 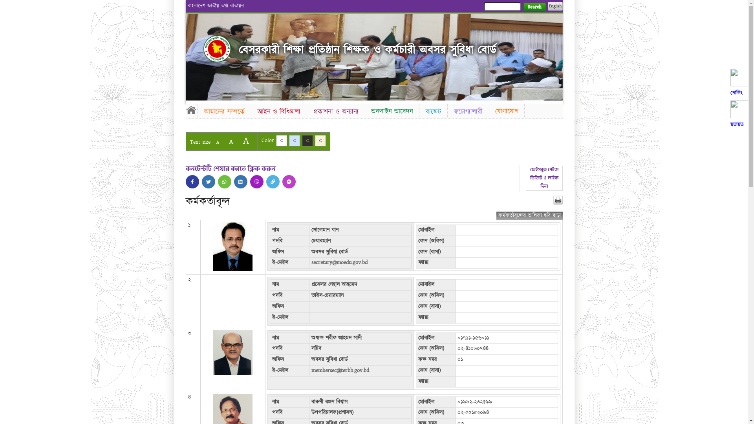 What do you see at coordinates (547, 6) in the screenshot?
I see `'English'` at bounding box center [547, 6].